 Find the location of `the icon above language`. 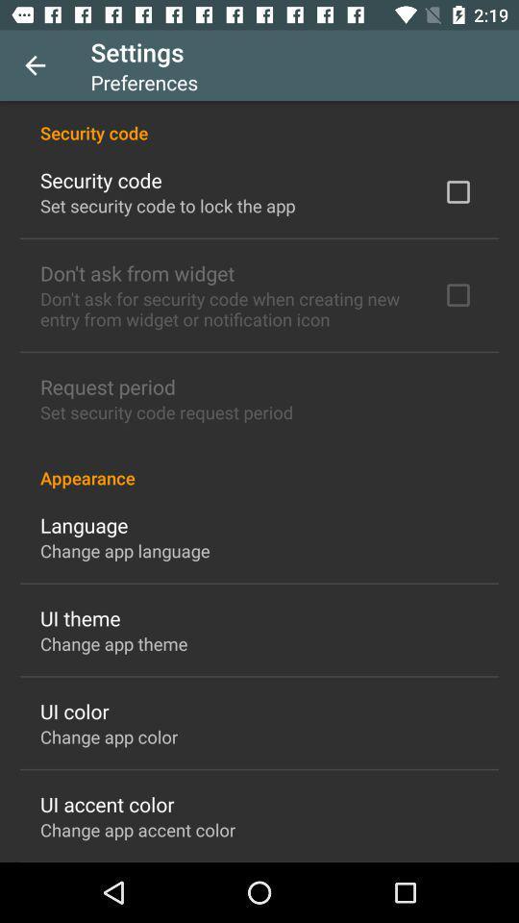

the icon above language is located at coordinates (259, 466).